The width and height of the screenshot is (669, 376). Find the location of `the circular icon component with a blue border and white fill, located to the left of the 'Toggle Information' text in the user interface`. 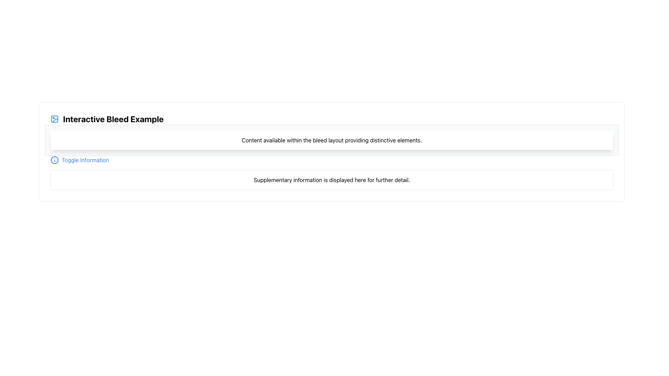

the circular icon component with a blue border and white fill, located to the left of the 'Toggle Information' text in the user interface is located at coordinates (54, 160).